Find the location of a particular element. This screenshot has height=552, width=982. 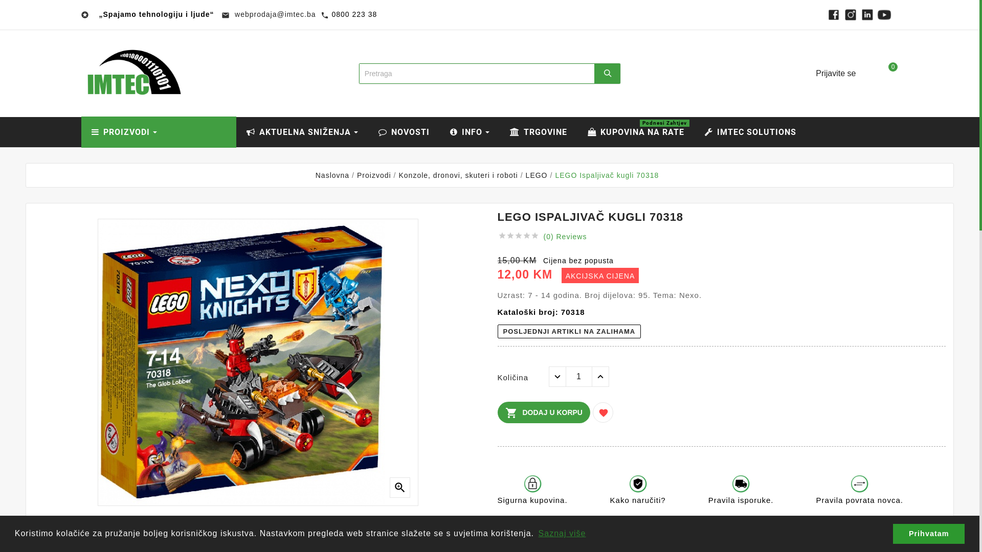

'IMTEC SOLUTIONS' is located at coordinates (750, 131).